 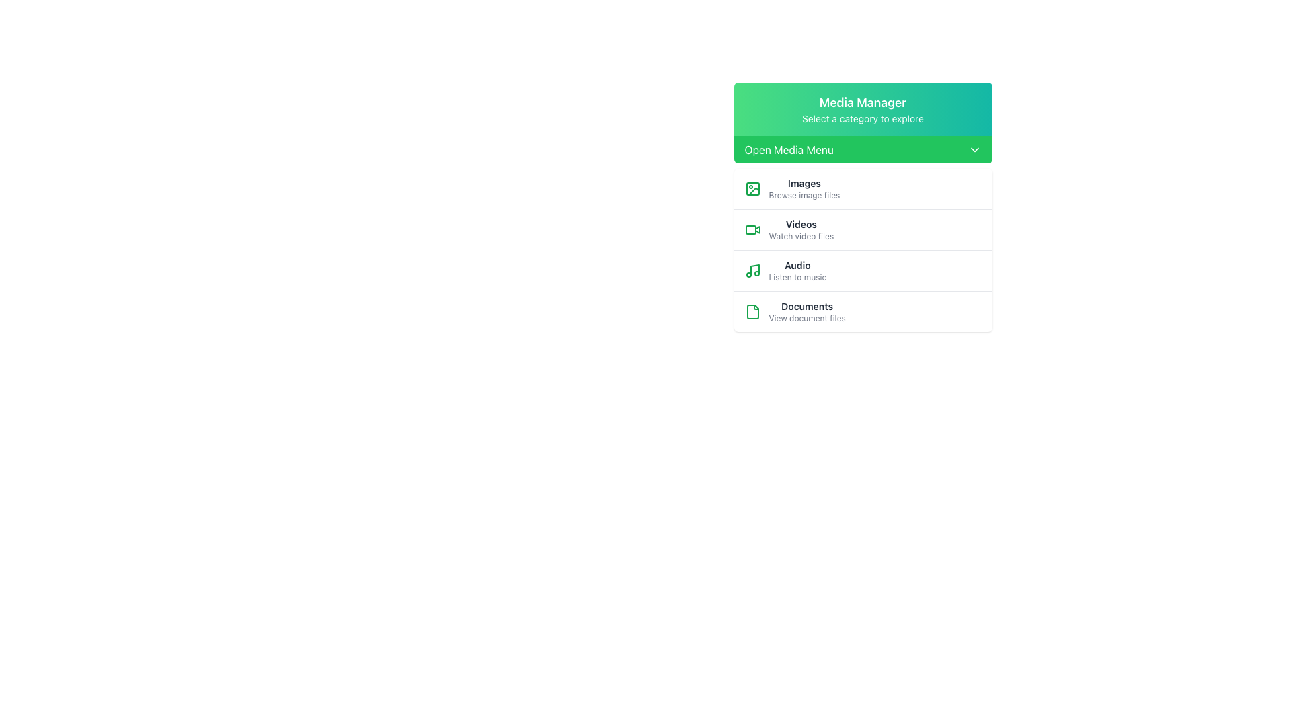 I want to click on the static text label 'Audio' in the Media Manager section, which signifies audio content and is located in the third row of the list, so click(x=797, y=265).